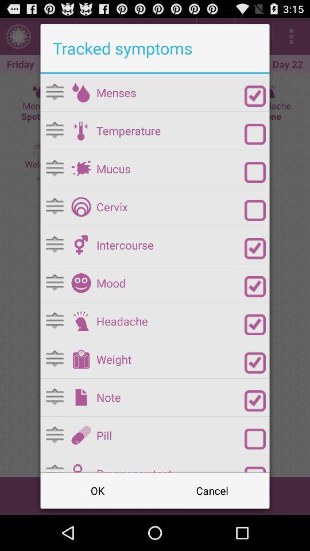 The height and width of the screenshot is (551, 310). Describe the element at coordinates (170, 359) in the screenshot. I see `weight app` at that location.